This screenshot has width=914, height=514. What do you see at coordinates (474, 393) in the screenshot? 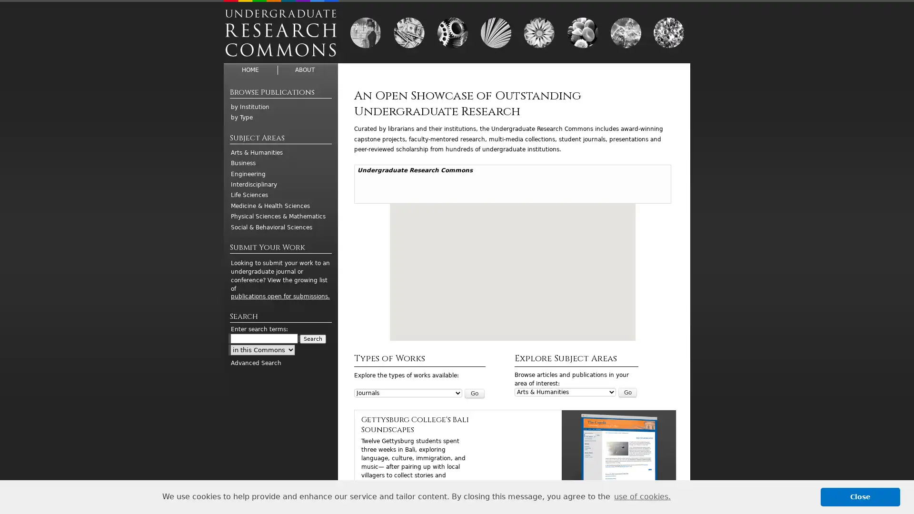
I see `Go` at bounding box center [474, 393].